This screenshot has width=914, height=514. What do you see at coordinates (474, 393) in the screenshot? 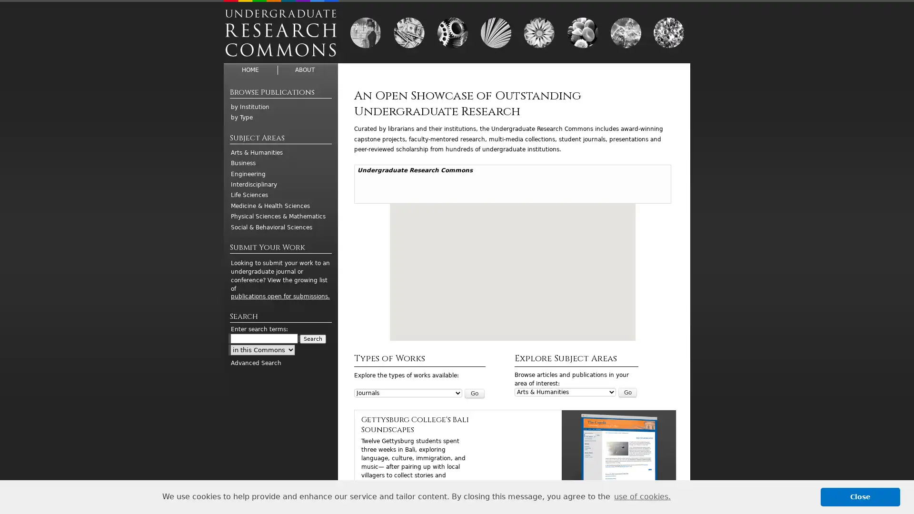
I see `Go` at bounding box center [474, 393].